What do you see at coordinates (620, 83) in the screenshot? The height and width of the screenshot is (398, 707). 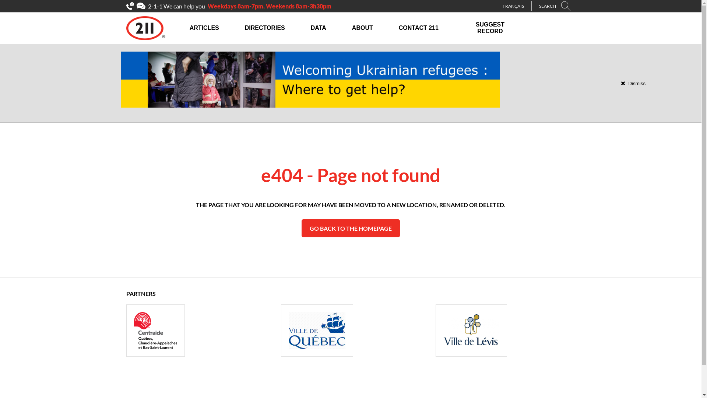 I see `'Dismiss'` at bounding box center [620, 83].